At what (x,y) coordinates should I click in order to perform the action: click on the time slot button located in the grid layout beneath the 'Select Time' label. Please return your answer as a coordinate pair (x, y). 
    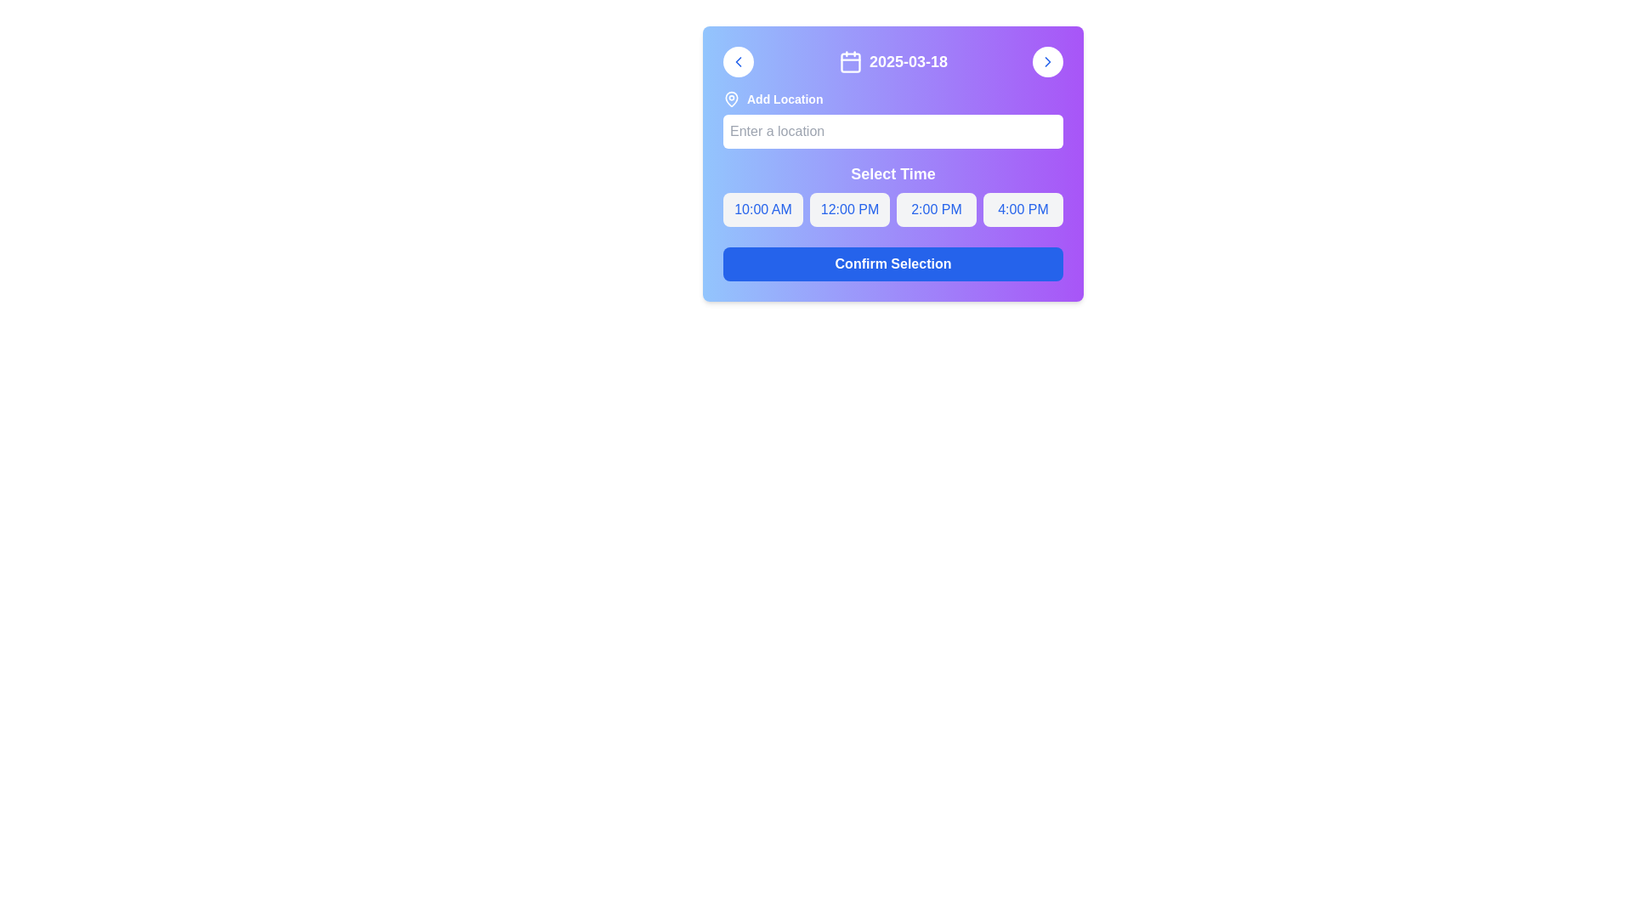
    Looking at the image, I should click on (892, 193).